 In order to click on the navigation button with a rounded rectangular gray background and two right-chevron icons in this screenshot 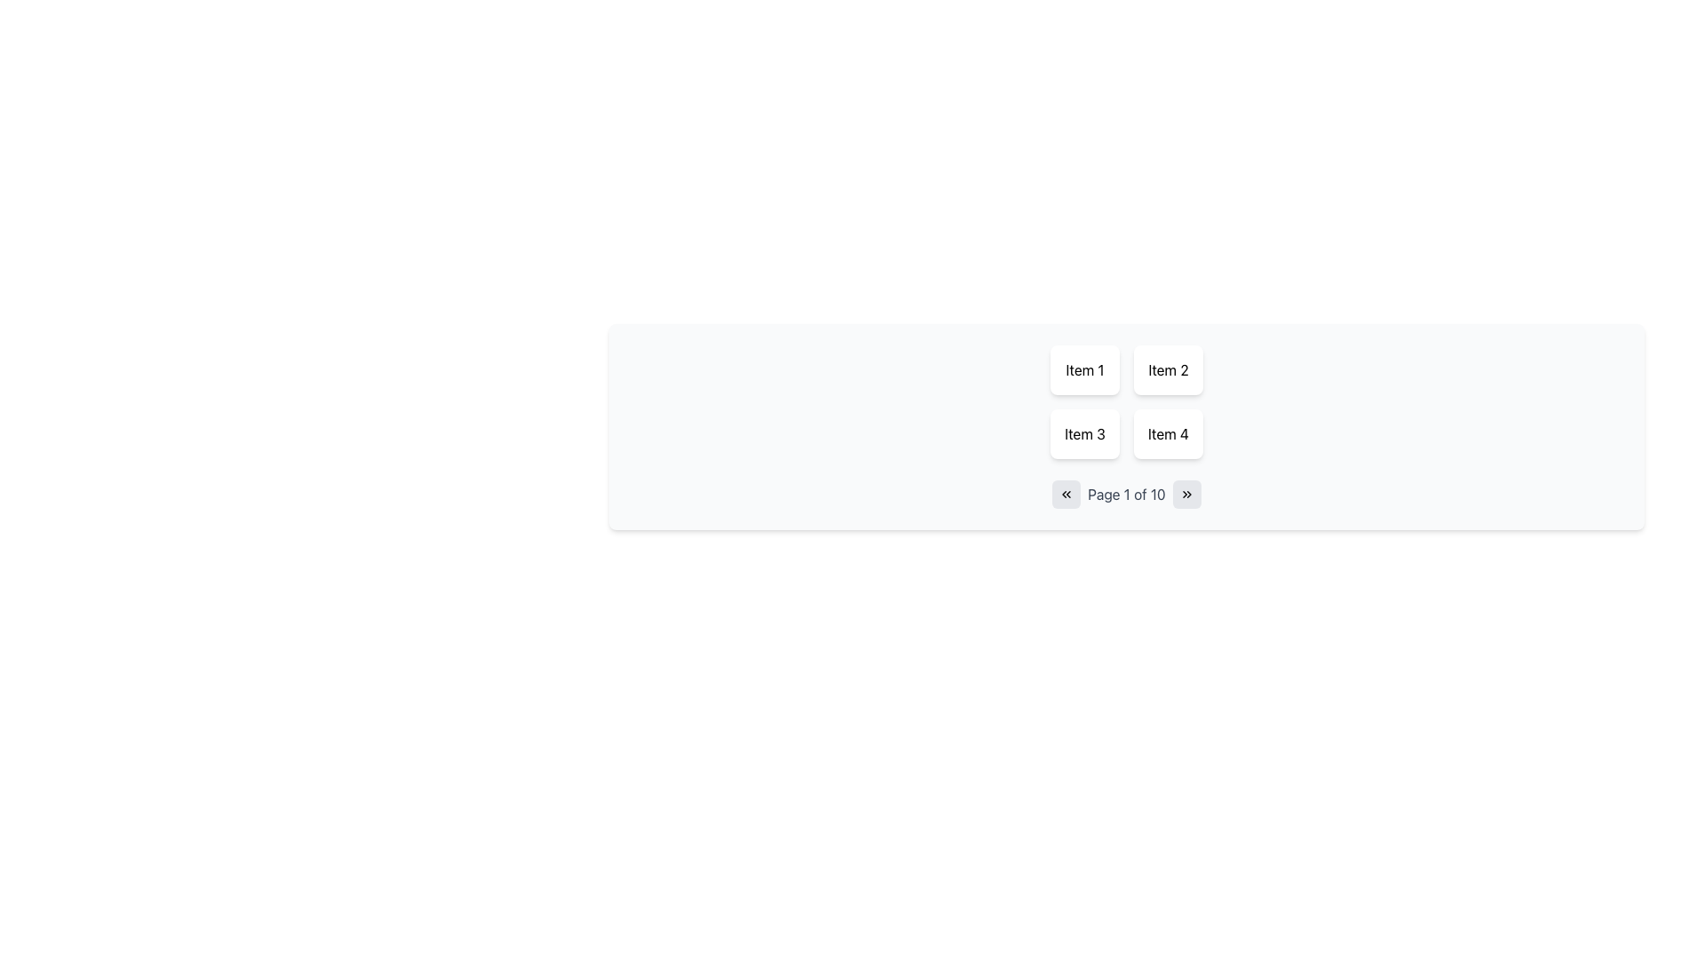, I will do `click(1186, 494)`.